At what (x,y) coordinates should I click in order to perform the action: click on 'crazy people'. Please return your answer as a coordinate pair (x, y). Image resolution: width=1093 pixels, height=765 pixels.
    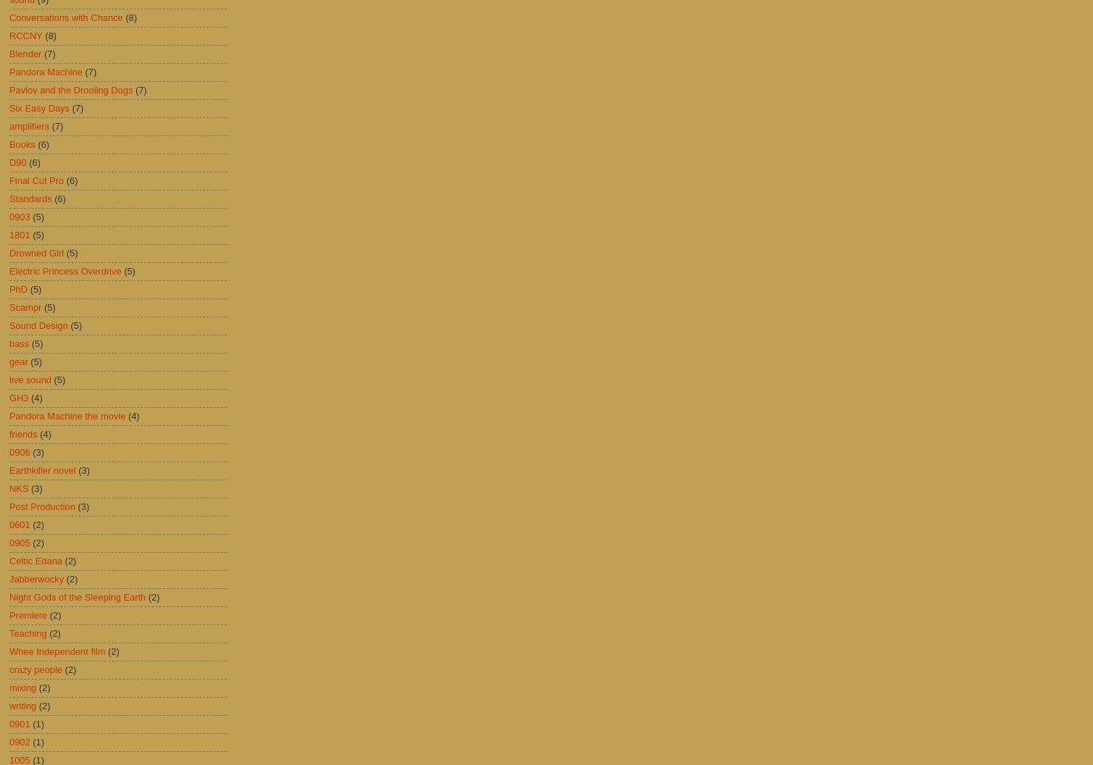
    Looking at the image, I should click on (36, 669).